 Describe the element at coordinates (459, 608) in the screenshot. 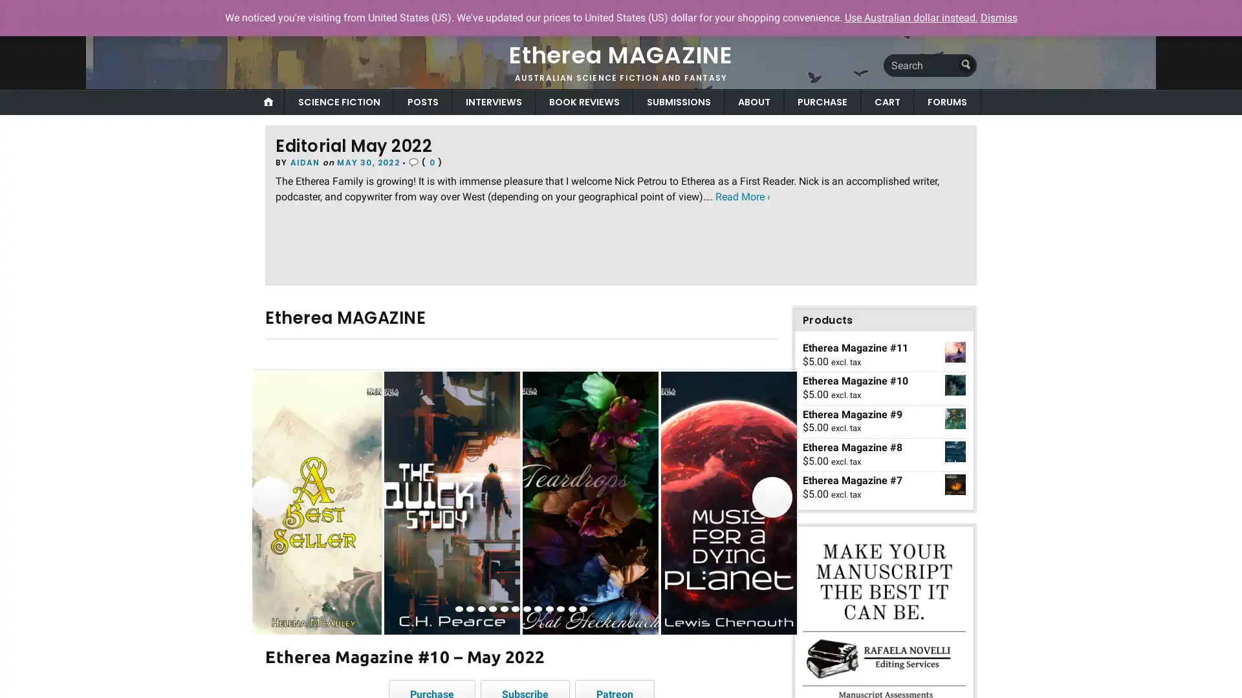

I see `view image 1 of 12 in carousel` at that location.